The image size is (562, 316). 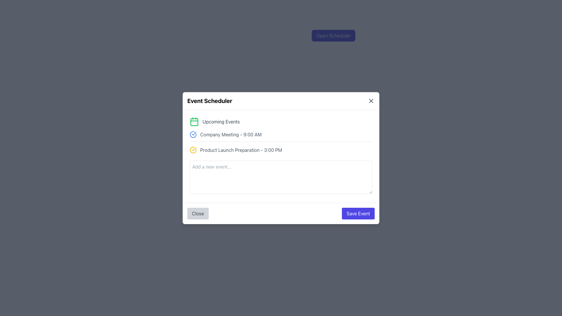 I want to click on the 'Save' button located at the bottom-right corner of the 'Event Scheduler' modal, so click(x=358, y=213).